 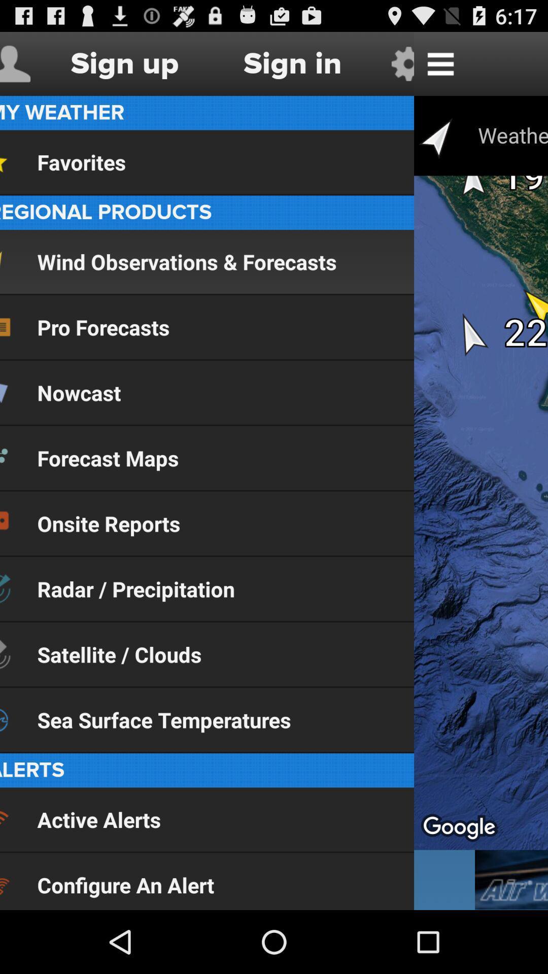 What do you see at coordinates (434, 67) in the screenshot?
I see `the menu icon` at bounding box center [434, 67].